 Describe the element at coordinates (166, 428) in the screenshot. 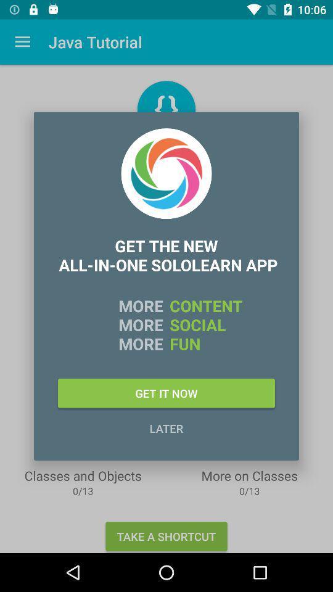

I see `later item` at that location.